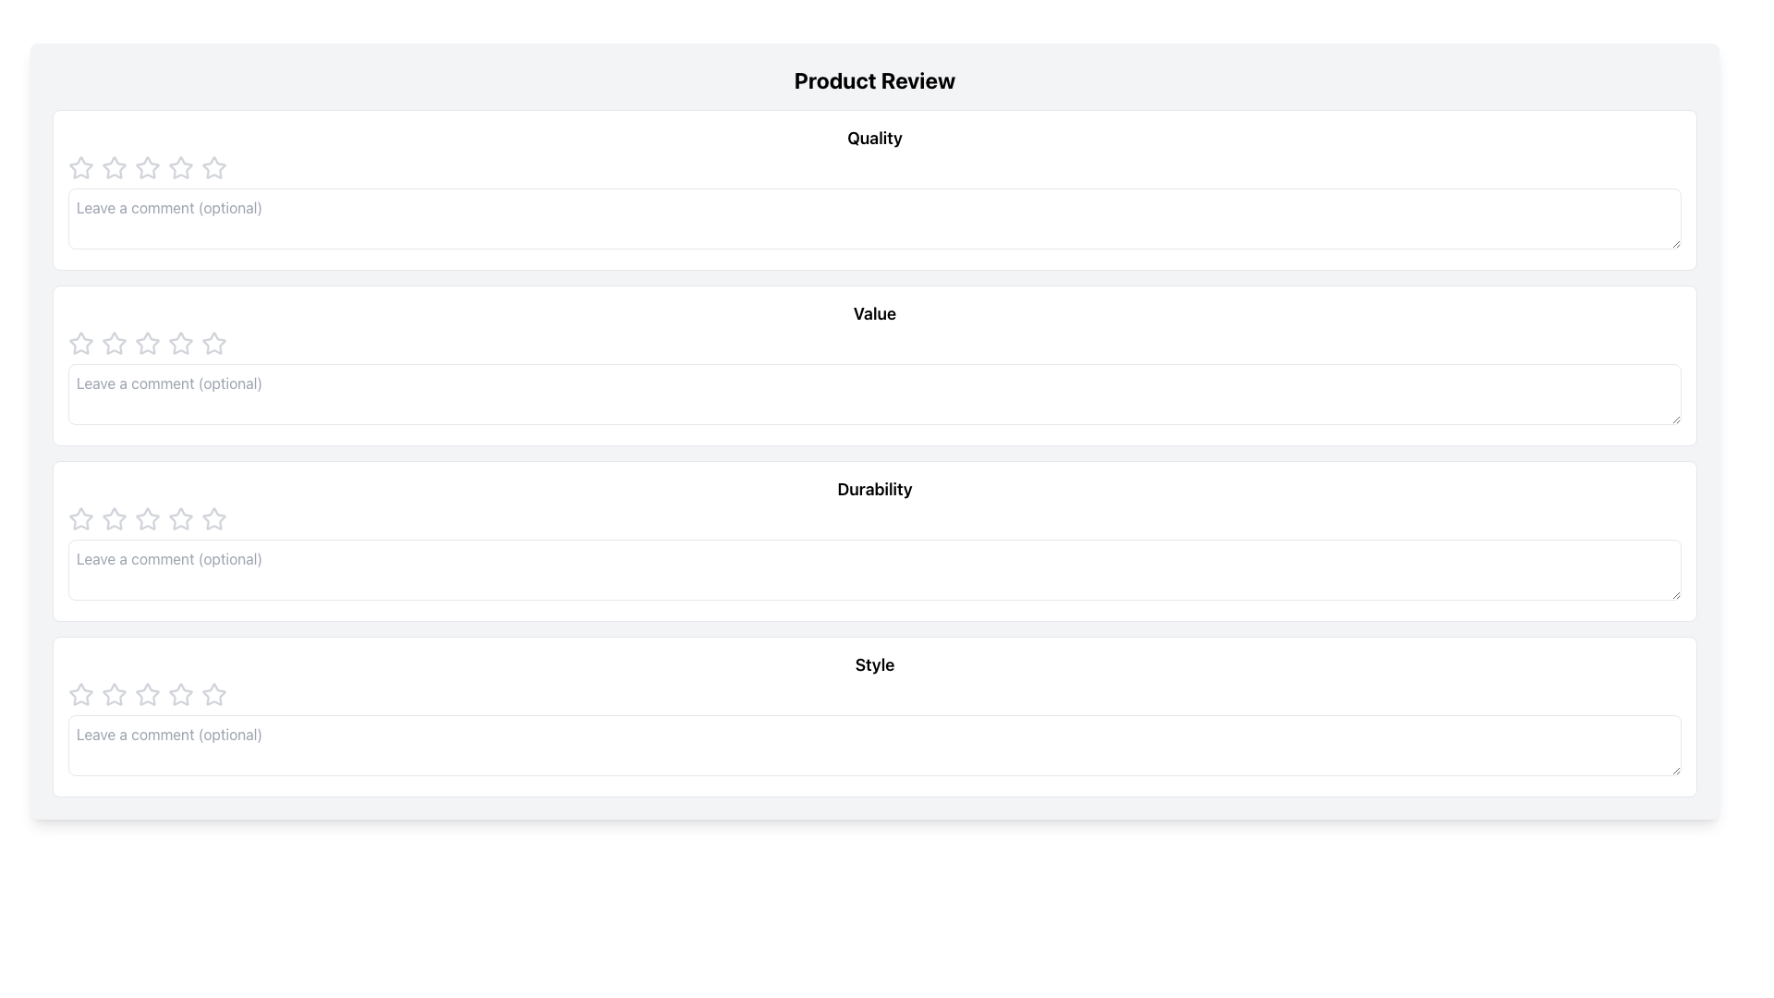 This screenshot has width=1774, height=998. What do you see at coordinates (114, 343) in the screenshot?
I see `the third star icon` at bounding box center [114, 343].